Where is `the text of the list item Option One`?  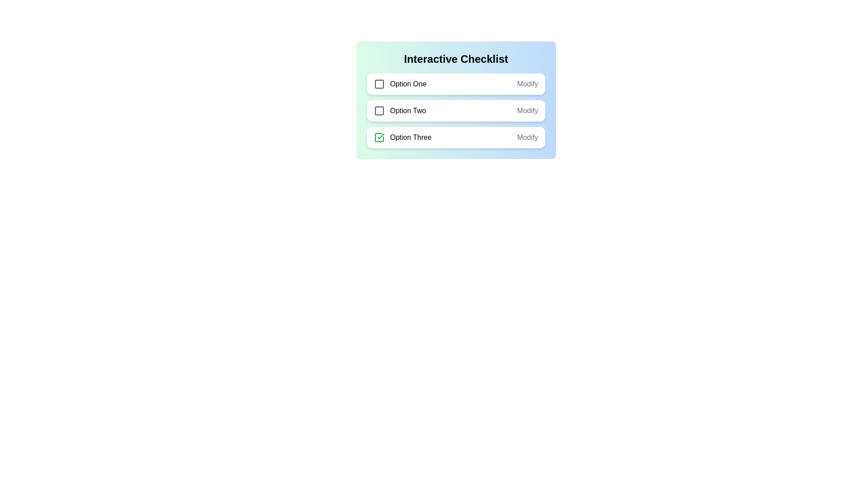 the text of the list item Option One is located at coordinates (399, 84).